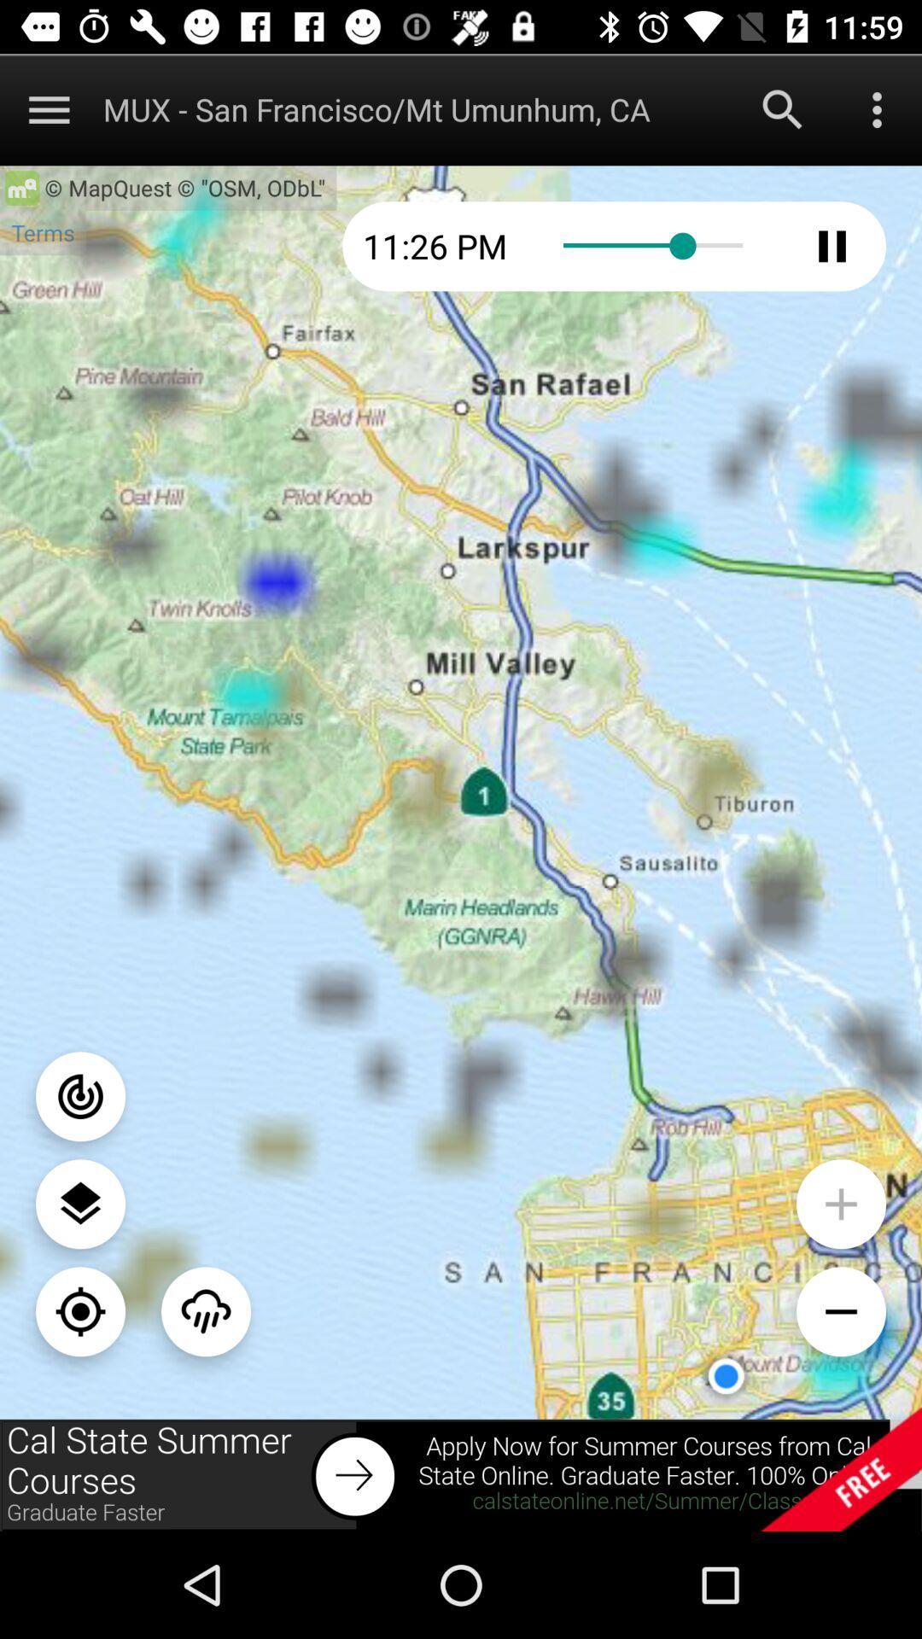 The width and height of the screenshot is (922, 1639). Describe the element at coordinates (840, 1203) in the screenshot. I see `add option` at that location.